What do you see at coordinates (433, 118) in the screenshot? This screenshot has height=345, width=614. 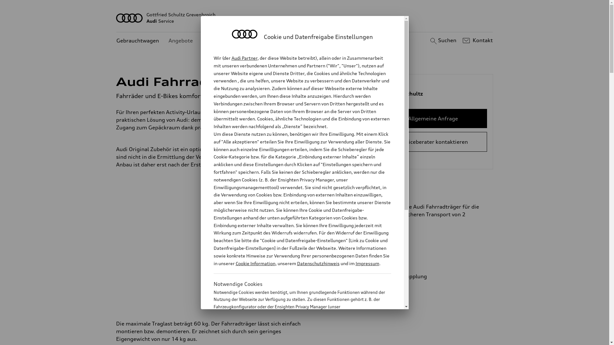 I see `'Allgemeine Anfrage'` at bounding box center [433, 118].